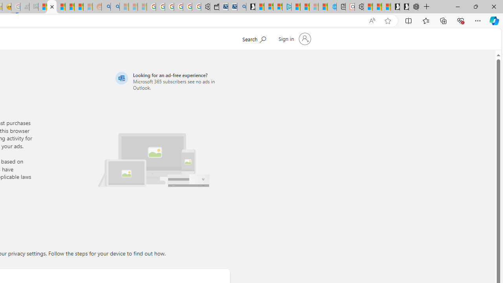  Describe the element at coordinates (79, 7) in the screenshot. I see `'Student Loan Update: Forgiveness Program Ends This Month'` at that location.